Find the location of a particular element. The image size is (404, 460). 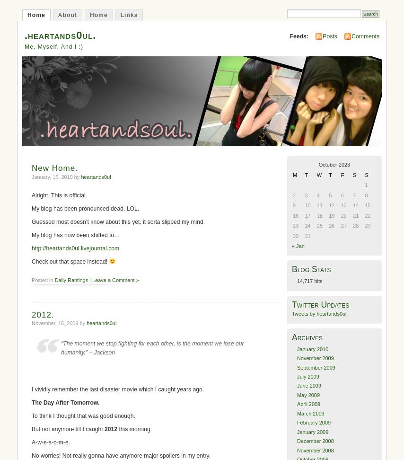

'11' is located at coordinates (319, 204).